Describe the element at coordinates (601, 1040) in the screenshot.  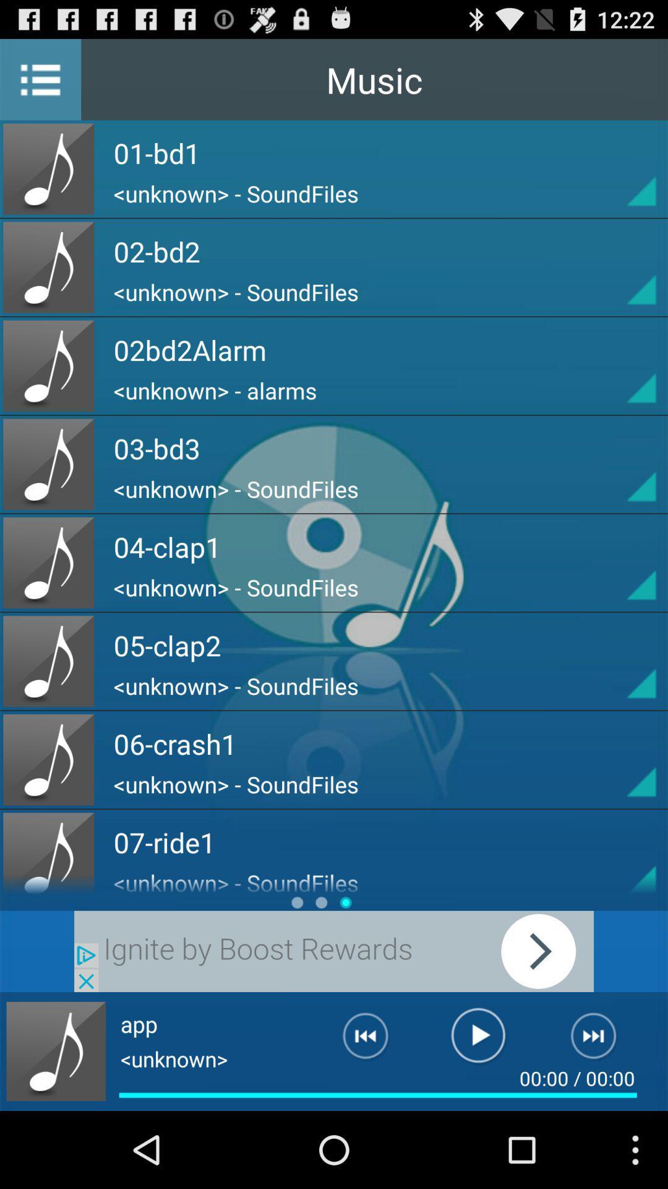
I see `next audio` at that location.